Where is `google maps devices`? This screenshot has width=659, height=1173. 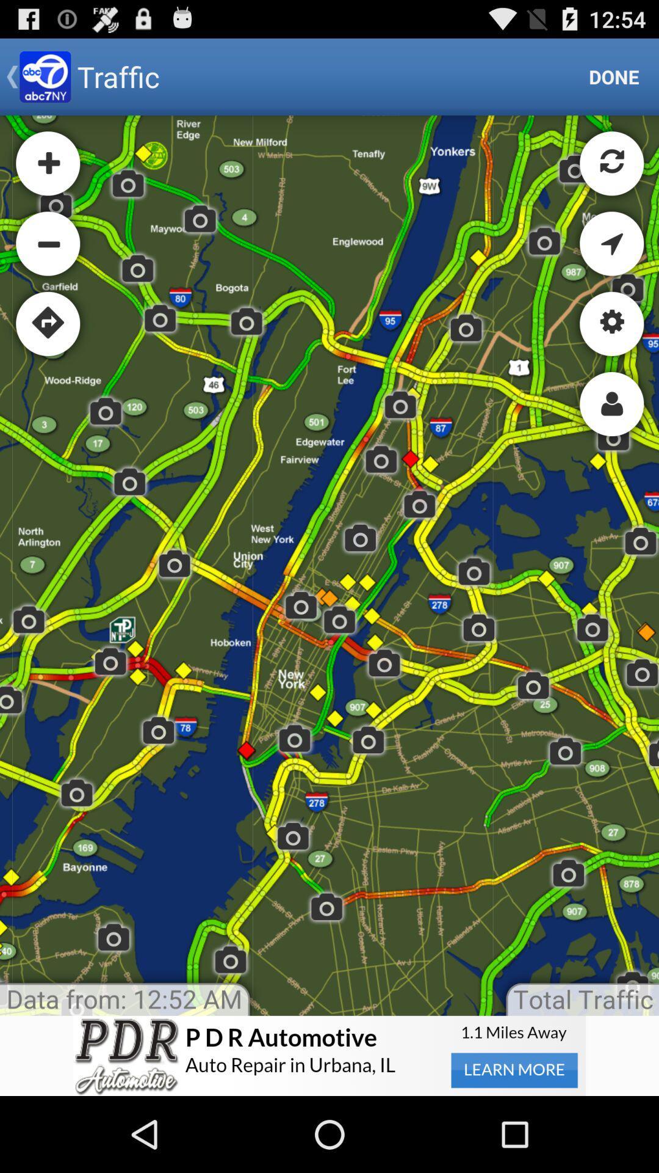
google maps devices is located at coordinates (329, 565).